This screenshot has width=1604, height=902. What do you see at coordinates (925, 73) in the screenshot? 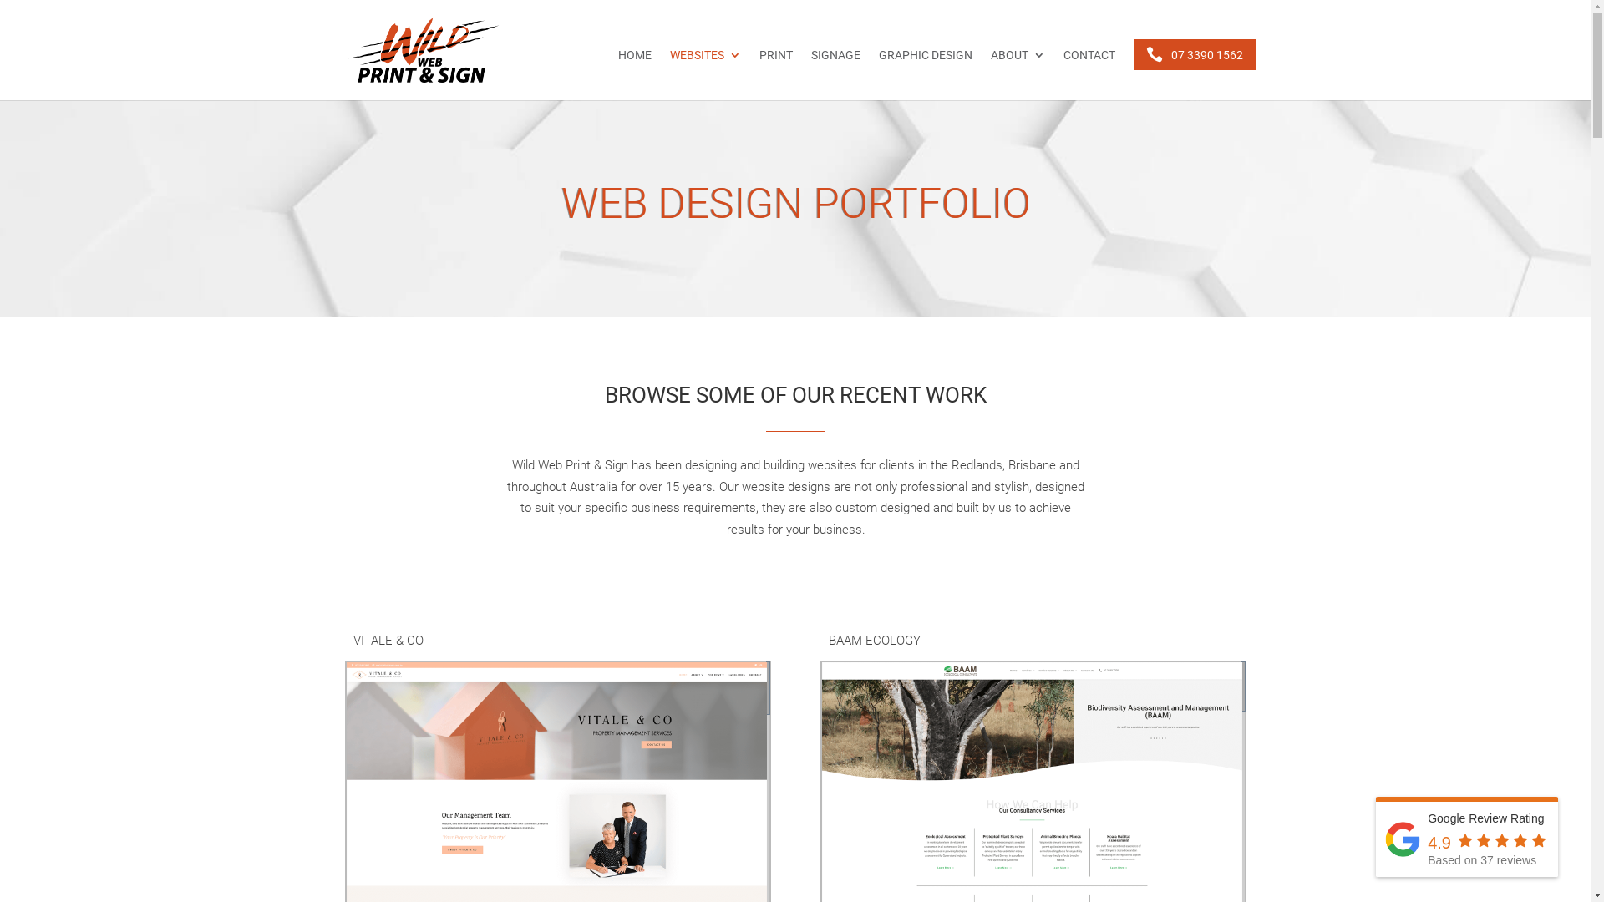
I see `'GRAPHIC DESIGN'` at bounding box center [925, 73].